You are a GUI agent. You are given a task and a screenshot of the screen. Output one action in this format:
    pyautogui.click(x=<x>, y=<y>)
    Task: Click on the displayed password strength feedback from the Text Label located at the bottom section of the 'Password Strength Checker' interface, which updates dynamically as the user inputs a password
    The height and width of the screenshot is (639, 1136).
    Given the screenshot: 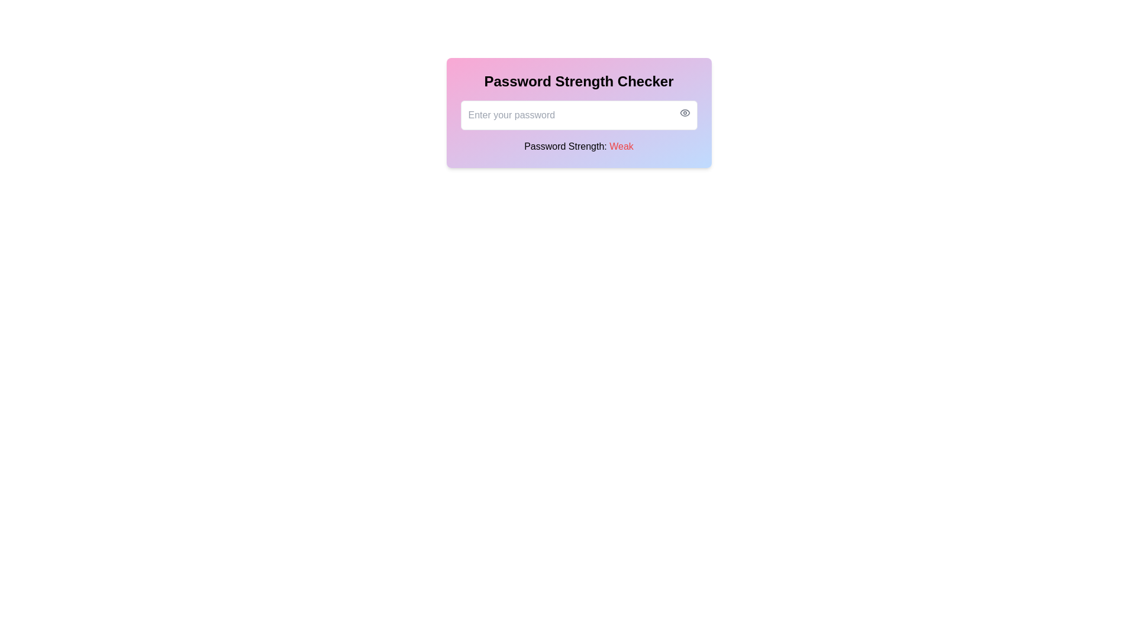 What is the action you would take?
    pyautogui.click(x=579, y=146)
    